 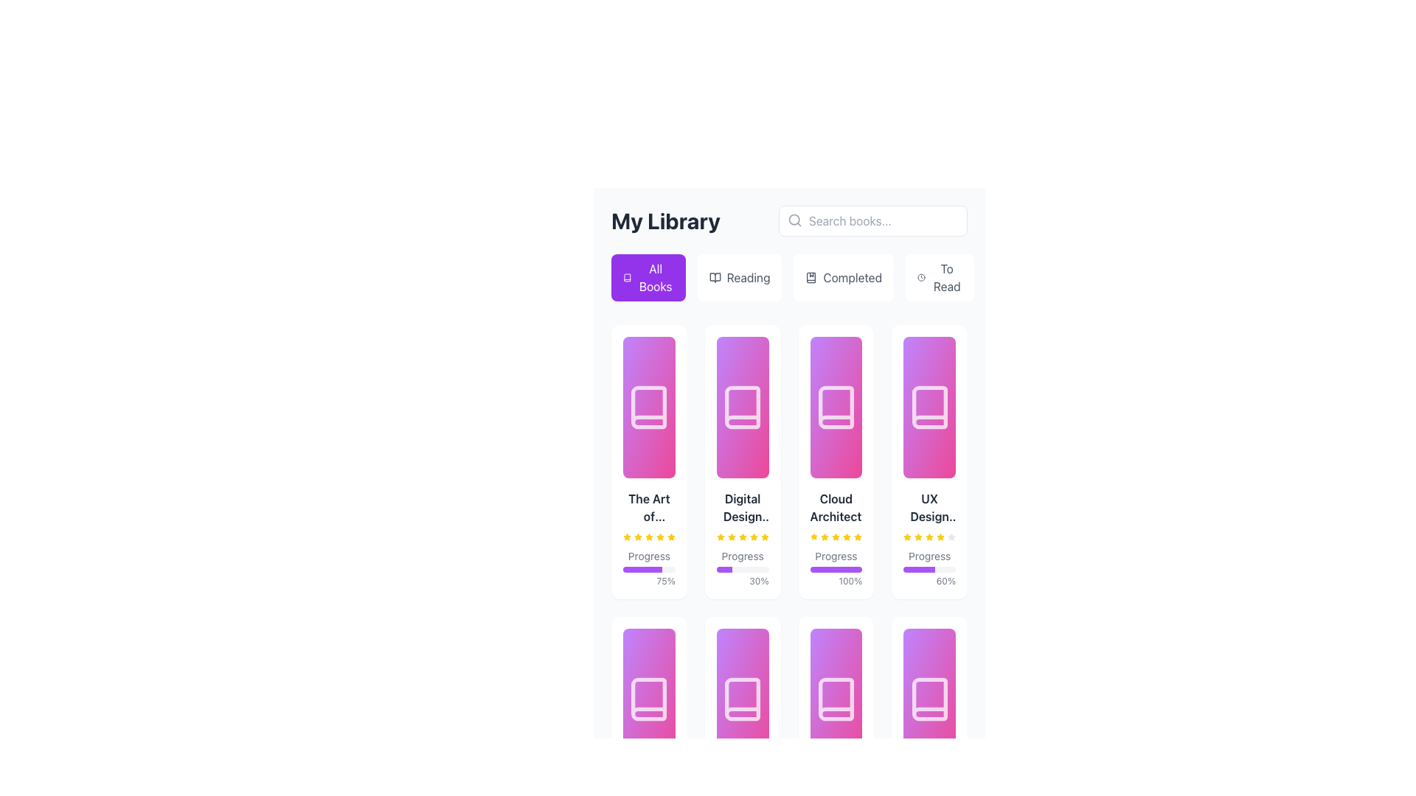 What do you see at coordinates (743, 537) in the screenshot?
I see `the third star icon in the 5-star rating system located under the 'Digital Design Principles' label and above the 'Progress 30%' indicator` at bounding box center [743, 537].